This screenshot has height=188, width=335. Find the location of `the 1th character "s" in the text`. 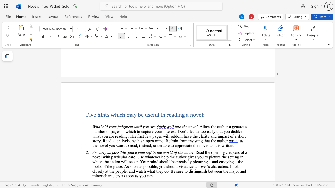

the 1th character "s" in the text is located at coordinates (108, 114).